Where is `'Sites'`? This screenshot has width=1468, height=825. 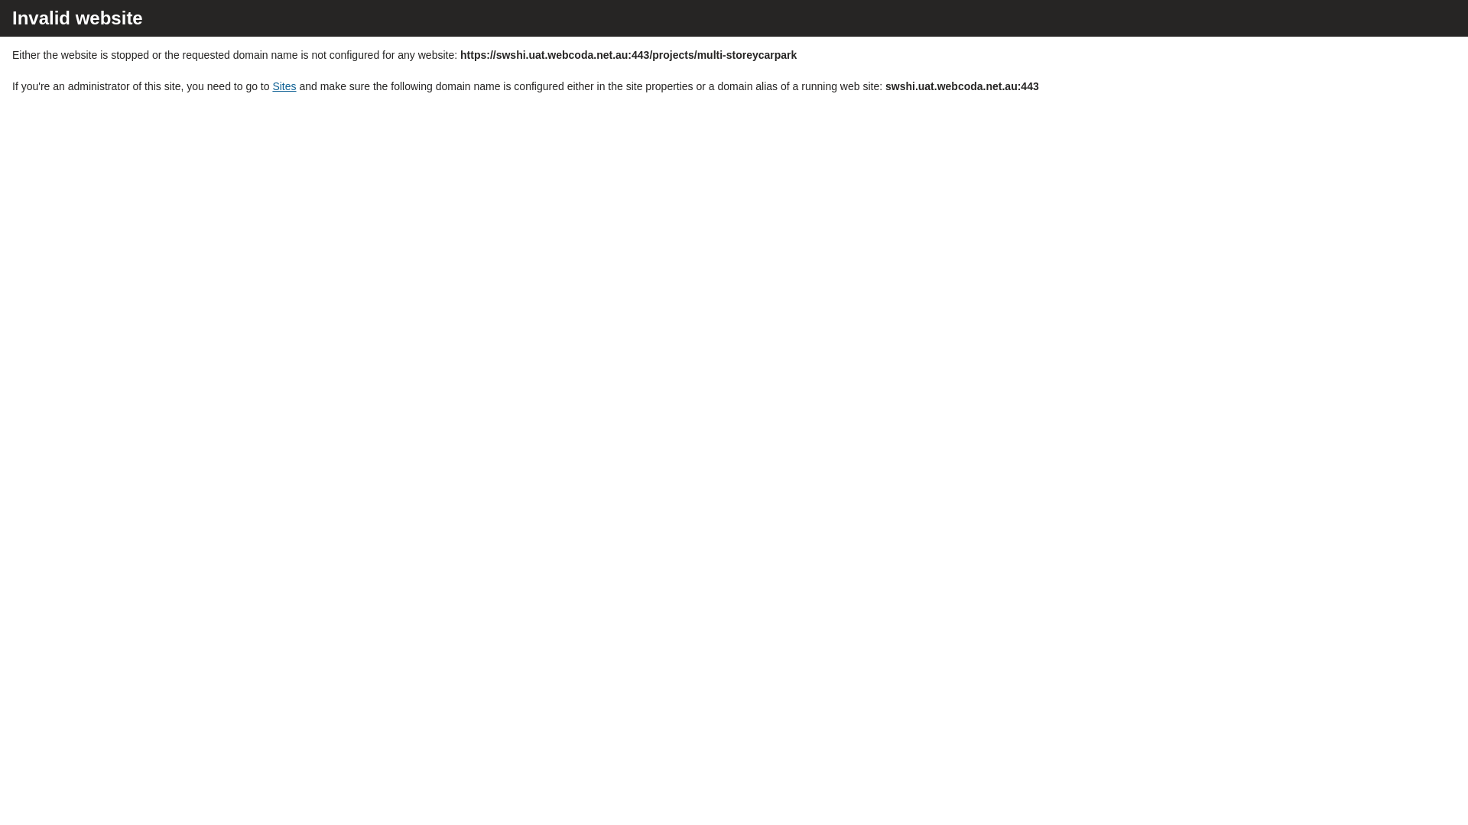 'Sites' is located at coordinates (284, 86).